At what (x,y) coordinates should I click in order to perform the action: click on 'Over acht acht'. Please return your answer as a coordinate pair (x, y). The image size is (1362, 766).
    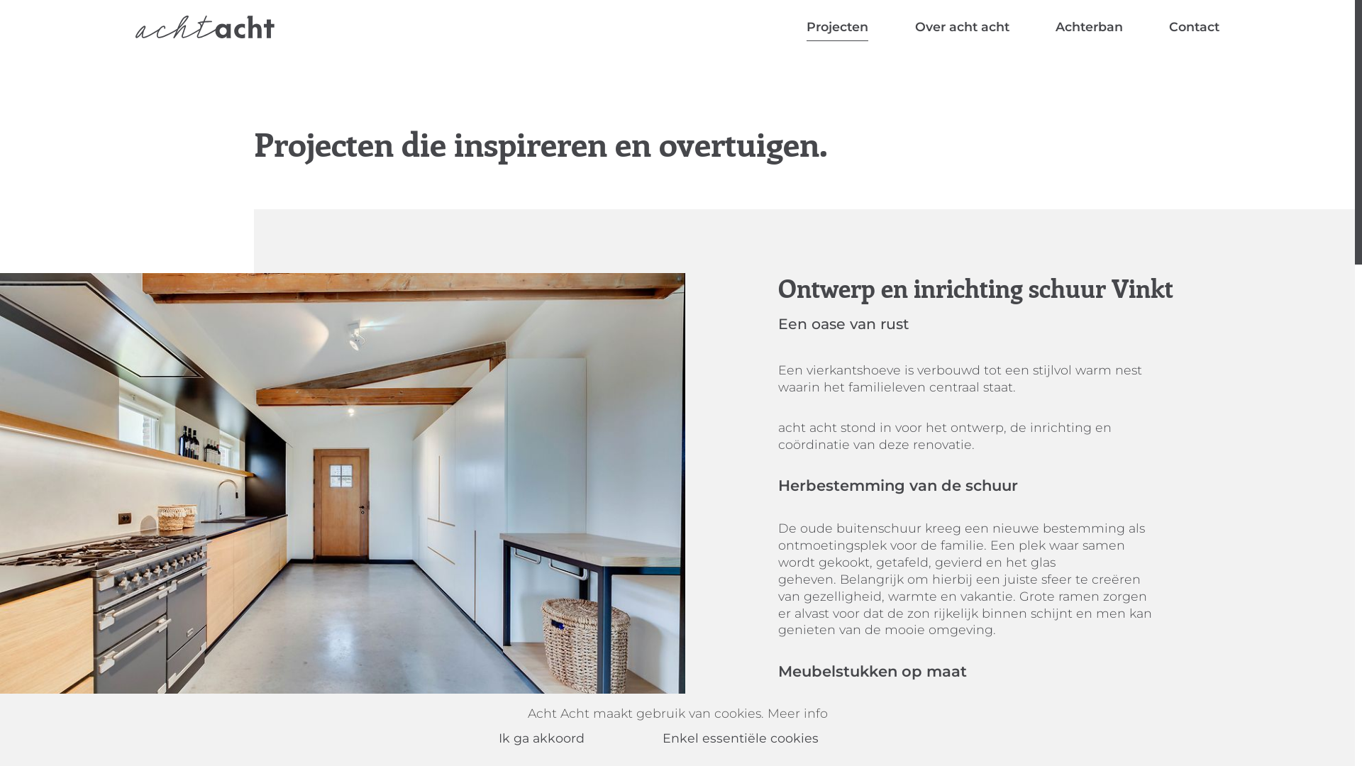
    Looking at the image, I should click on (962, 27).